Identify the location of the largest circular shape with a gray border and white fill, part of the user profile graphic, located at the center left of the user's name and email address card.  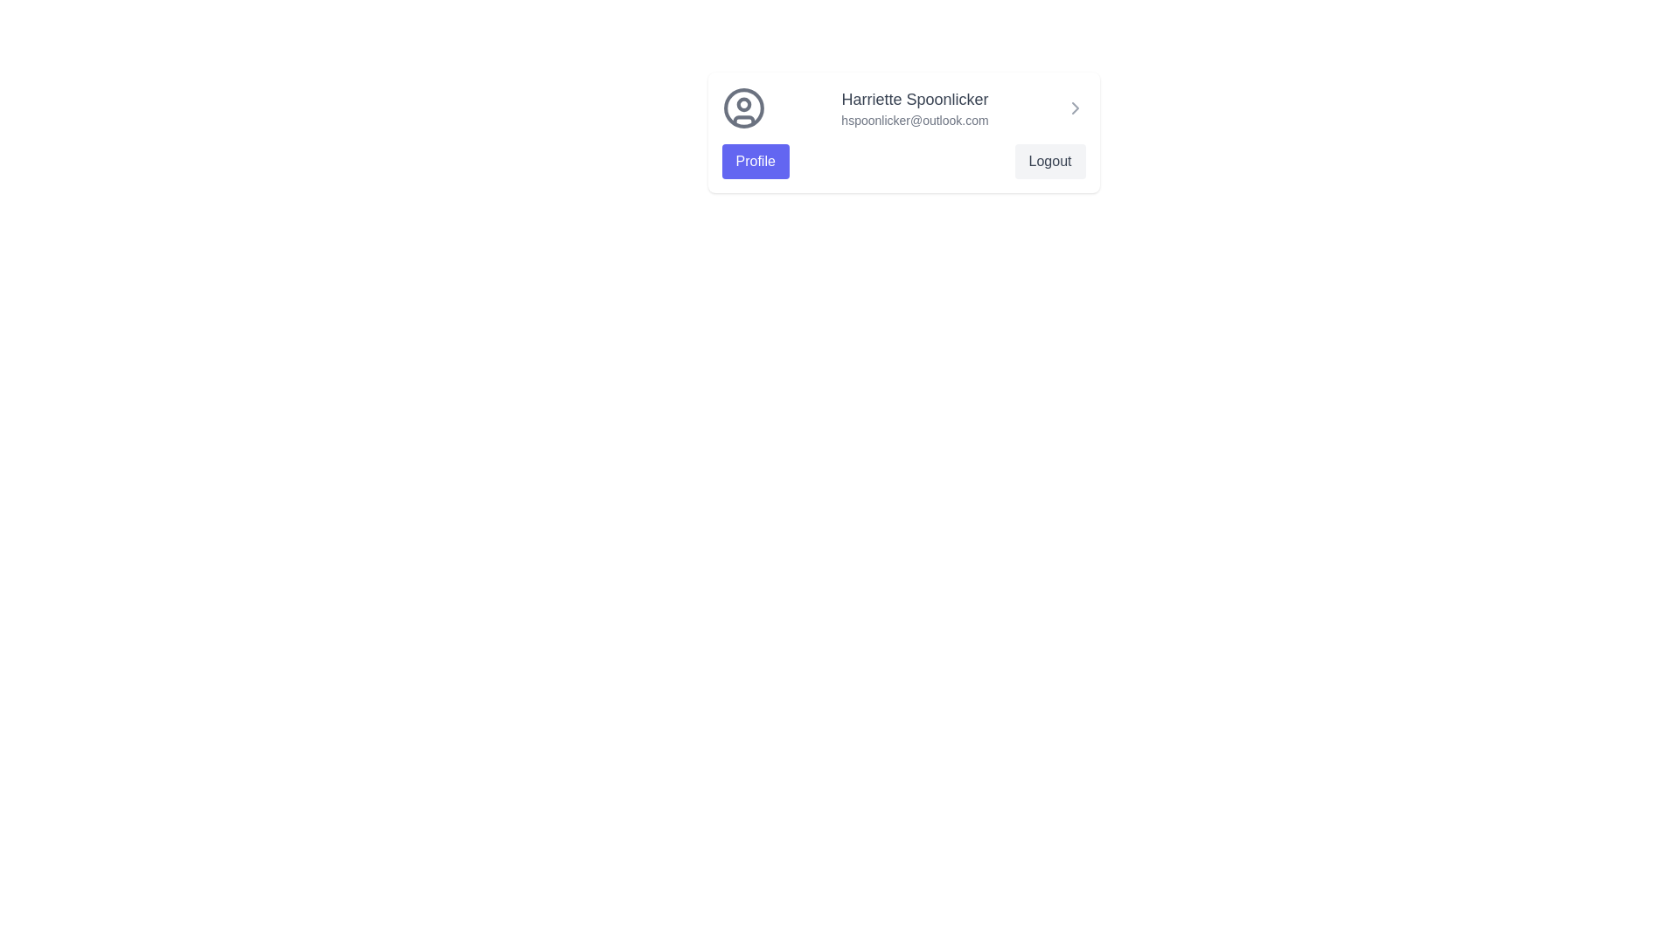
(743, 108).